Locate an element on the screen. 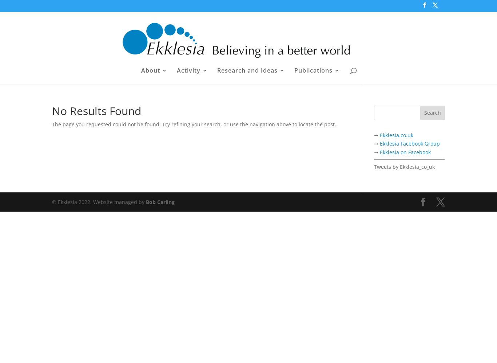 This screenshot has width=497, height=363. 'Publications' is located at coordinates (313, 70).